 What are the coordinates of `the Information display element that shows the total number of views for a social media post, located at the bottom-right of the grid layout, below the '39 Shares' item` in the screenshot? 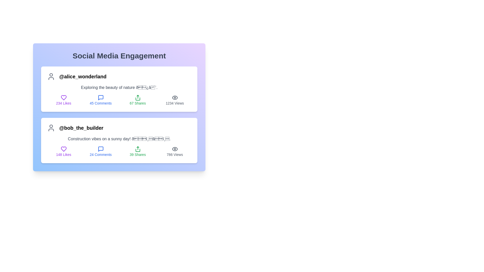 It's located at (175, 151).